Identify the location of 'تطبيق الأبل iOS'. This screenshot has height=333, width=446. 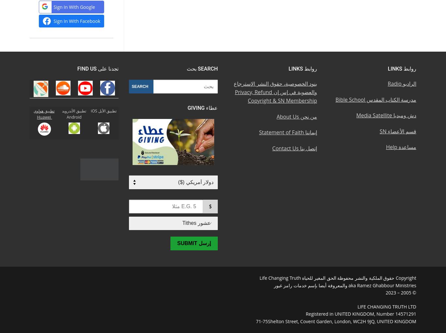
(104, 110).